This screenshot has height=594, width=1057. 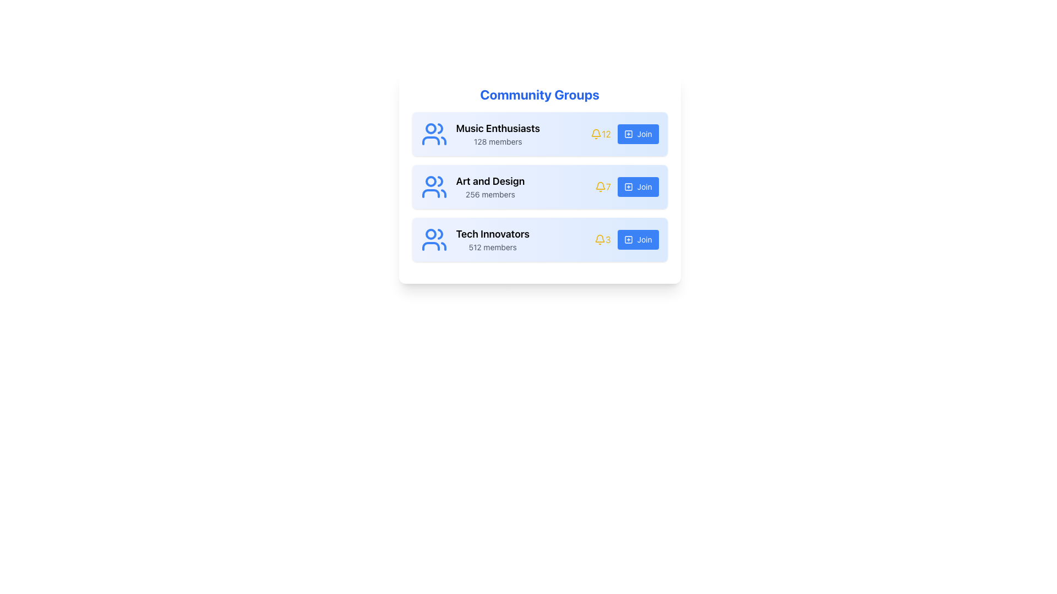 I want to click on the light blue icon depicting a group of people located next to the 'Art and Design' text, so click(x=433, y=186).